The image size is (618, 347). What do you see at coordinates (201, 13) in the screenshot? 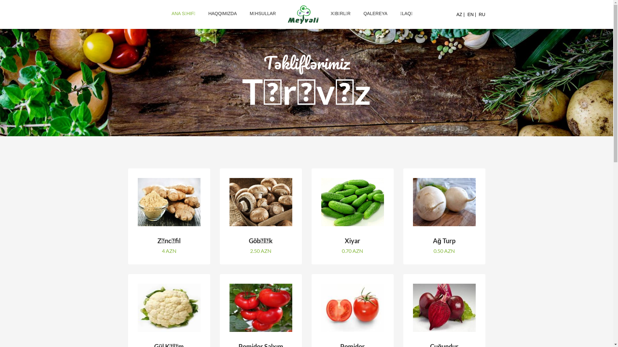
I see `'HAQQIMIZDA'` at bounding box center [201, 13].